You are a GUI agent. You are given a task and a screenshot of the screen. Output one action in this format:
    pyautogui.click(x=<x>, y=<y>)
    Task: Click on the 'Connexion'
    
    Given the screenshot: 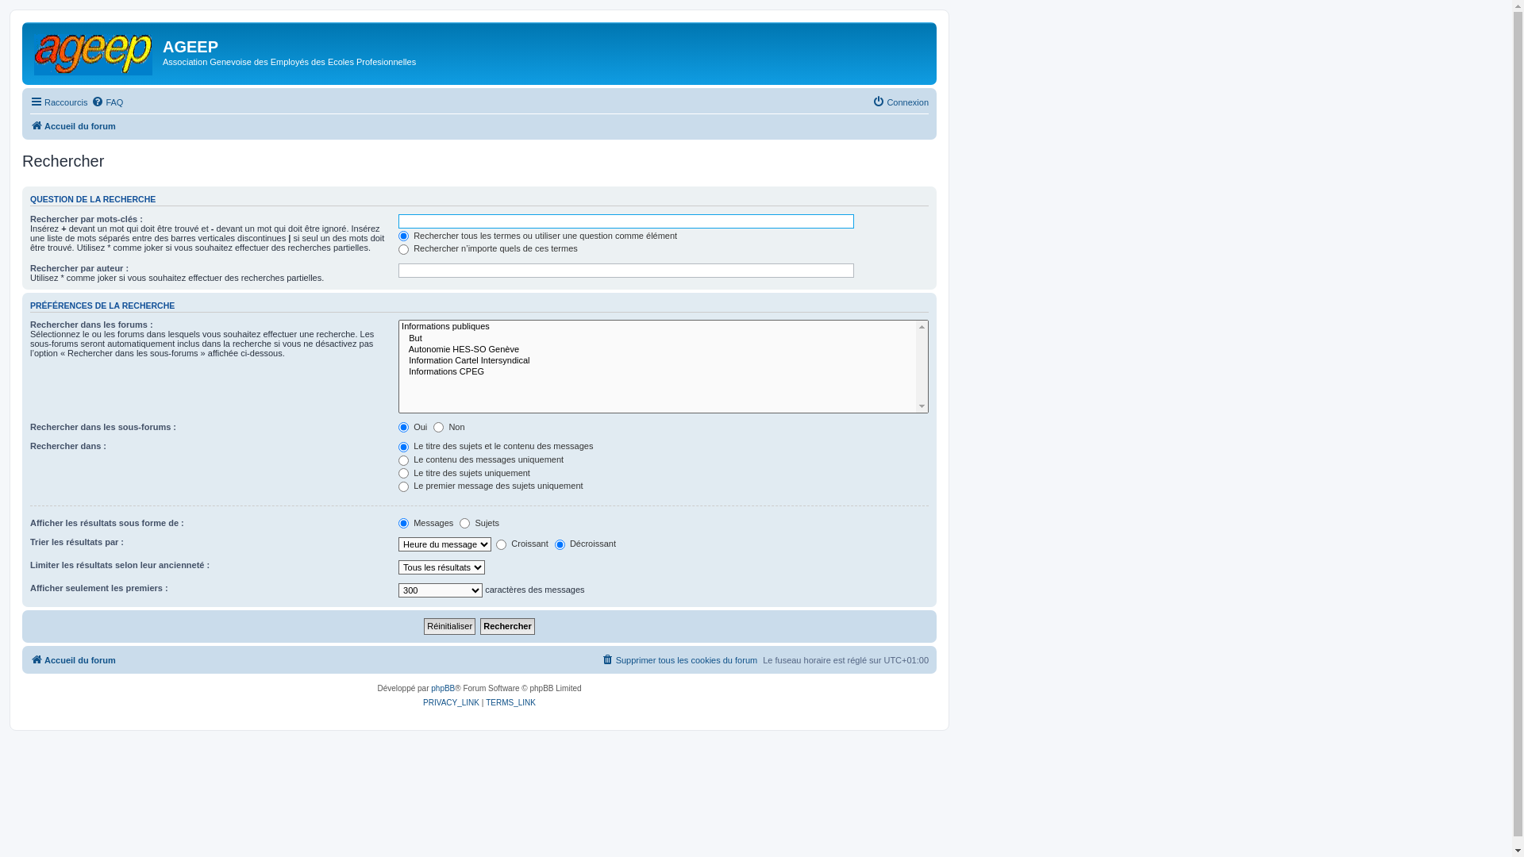 What is the action you would take?
    pyautogui.click(x=900, y=102)
    